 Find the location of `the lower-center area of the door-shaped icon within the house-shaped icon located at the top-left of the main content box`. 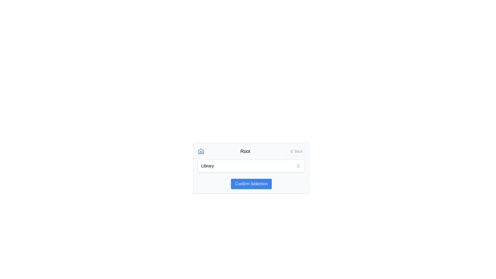

the lower-center area of the door-shaped icon within the house-shaped icon located at the top-left of the main content box is located at coordinates (200, 152).